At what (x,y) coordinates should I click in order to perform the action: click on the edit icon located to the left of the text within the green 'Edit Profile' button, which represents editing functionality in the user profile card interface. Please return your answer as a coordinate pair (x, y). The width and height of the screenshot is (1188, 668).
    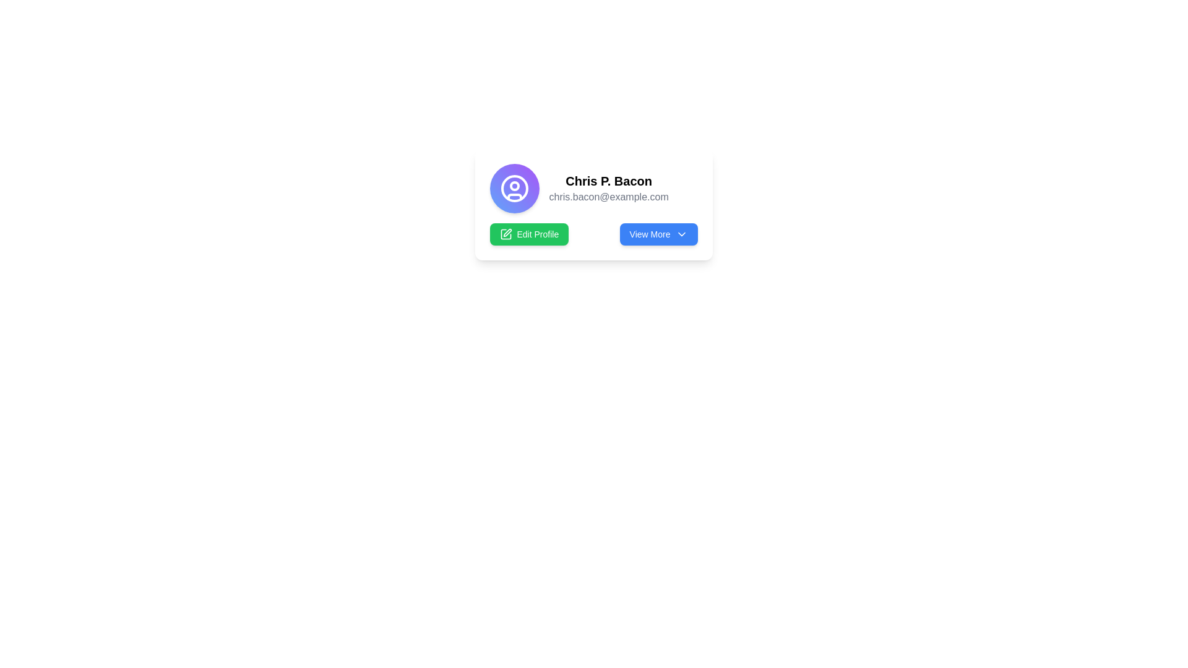
    Looking at the image, I should click on (506, 234).